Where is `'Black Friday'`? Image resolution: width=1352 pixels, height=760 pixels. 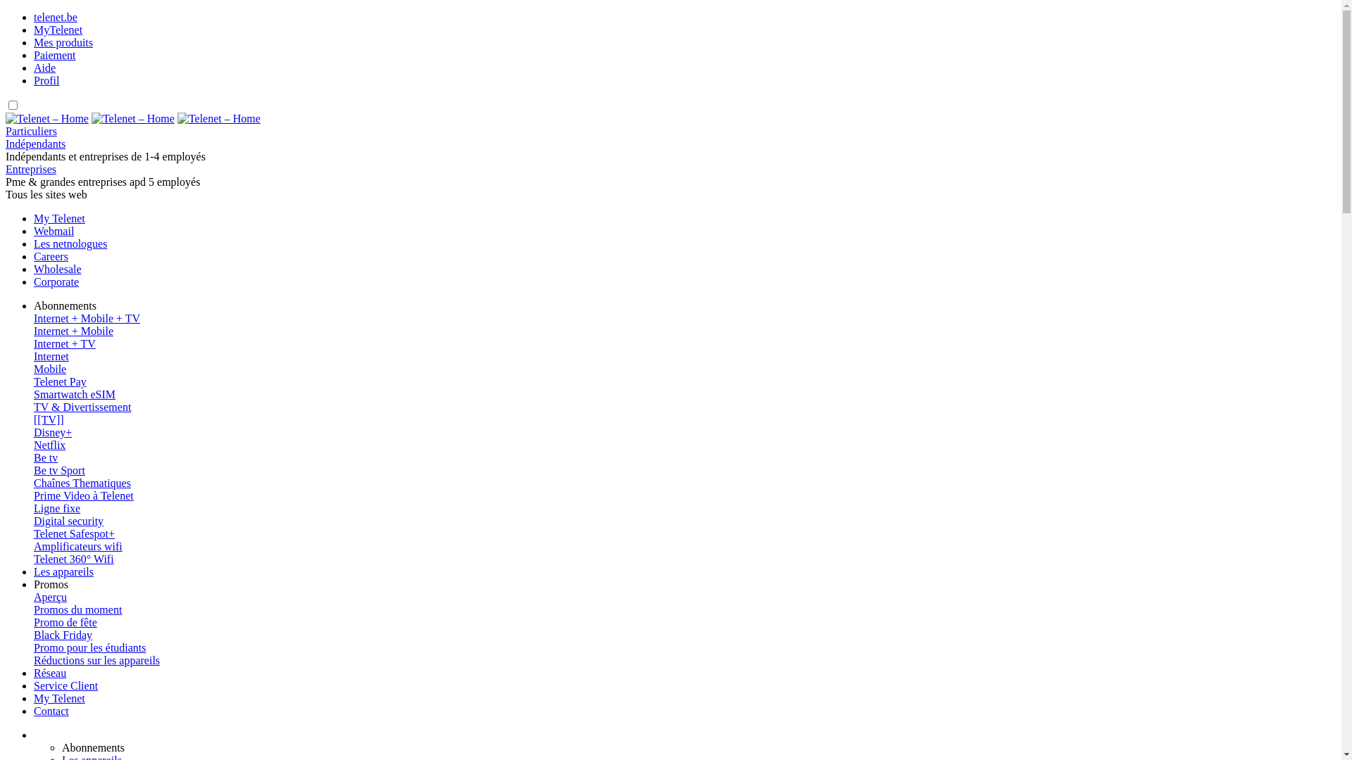 'Black Friday' is located at coordinates (62, 635).